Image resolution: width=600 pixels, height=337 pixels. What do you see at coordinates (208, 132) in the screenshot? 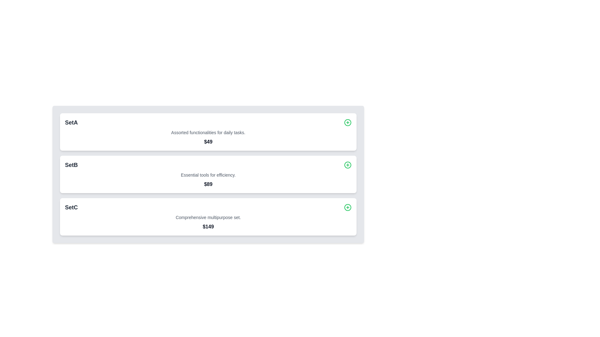
I see `the first Information Card that provides details about product 'SetA', located at the top of a vertical stack of cards` at bounding box center [208, 132].